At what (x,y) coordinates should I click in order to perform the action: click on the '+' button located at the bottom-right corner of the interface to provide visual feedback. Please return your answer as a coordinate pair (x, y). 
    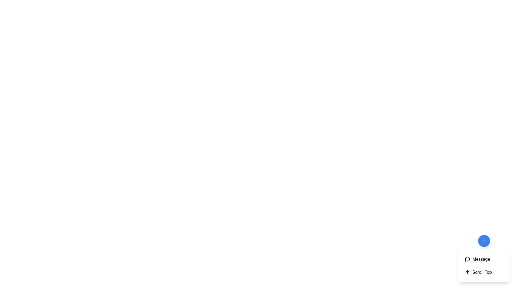
    Looking at the image, I should click on (484, 240).